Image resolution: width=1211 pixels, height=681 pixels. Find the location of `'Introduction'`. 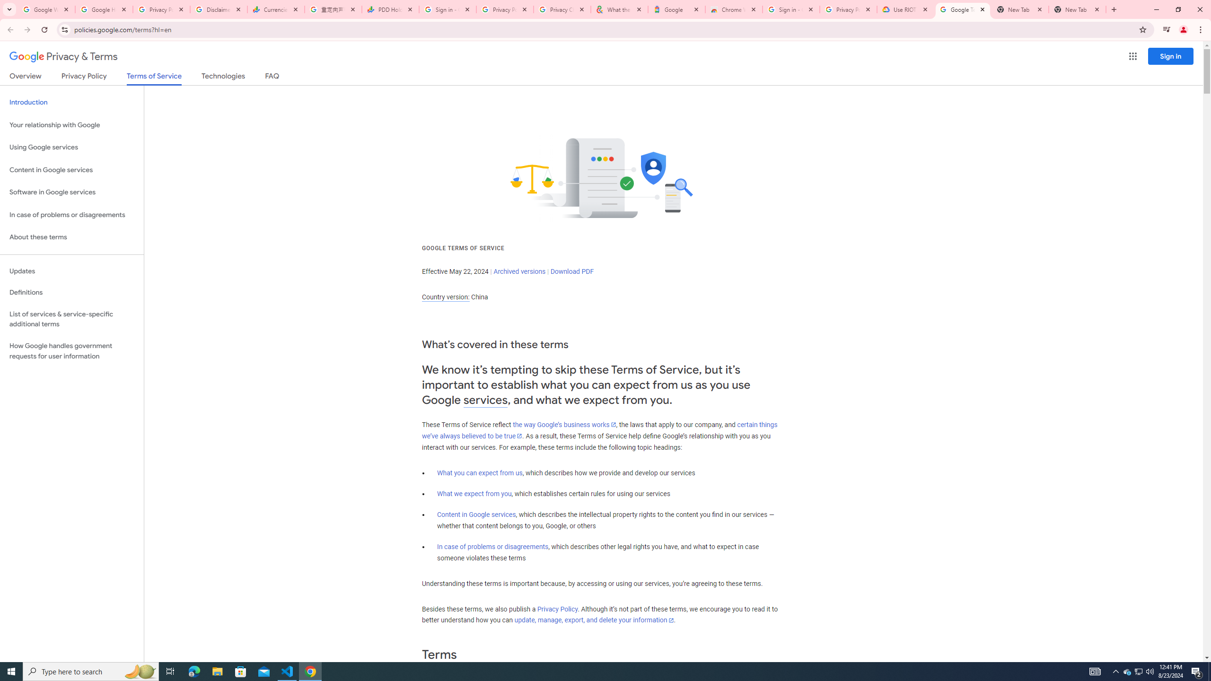

'Introduction' is located at coordinates (71, 102).